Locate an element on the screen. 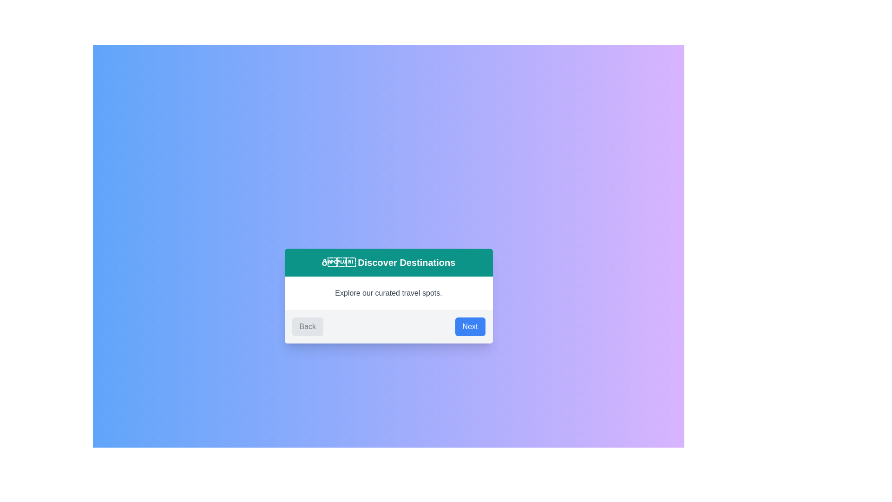 Image resolution: width=892 pixels, height=502 pixels. the 'Back' button, which is a rectangular button with rounded corners, styled with a gray background and containing the text 'Back', located at the bottom left of the card UI is located at coordinates (308, 326).